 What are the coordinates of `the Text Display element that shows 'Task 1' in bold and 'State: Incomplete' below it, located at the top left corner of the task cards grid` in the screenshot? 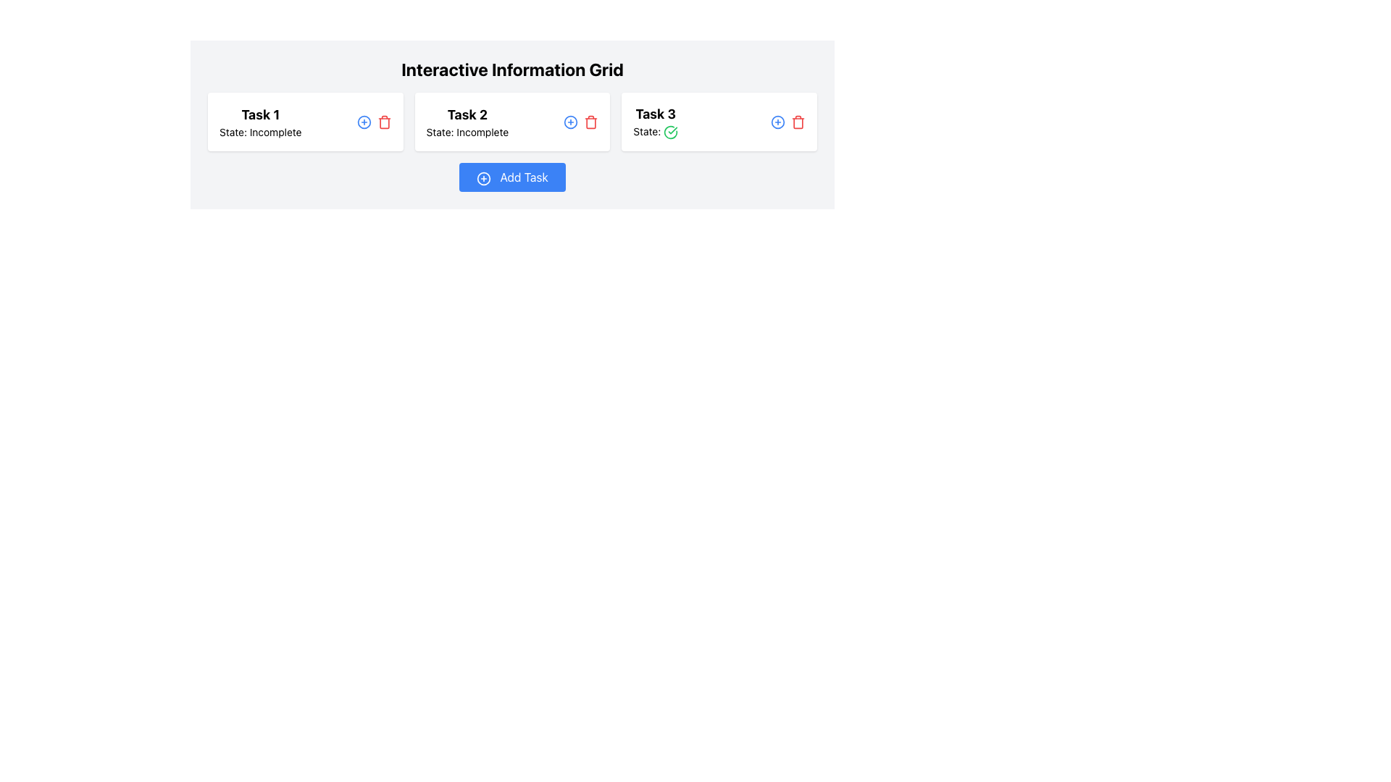 It's located at (260, 121).